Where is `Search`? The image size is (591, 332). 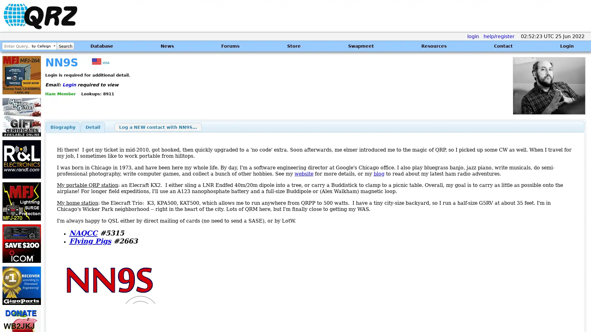 Search is located at coordinates (65, 46).